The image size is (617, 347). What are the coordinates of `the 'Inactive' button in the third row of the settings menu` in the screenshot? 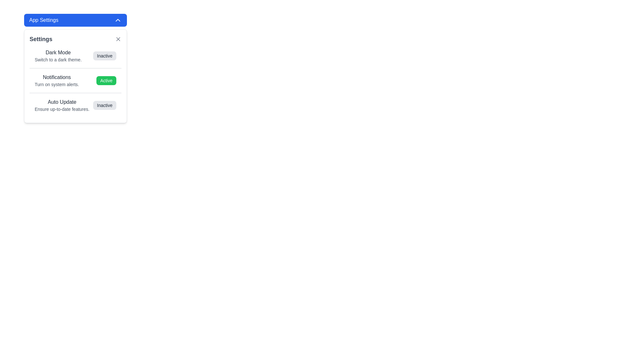 It's located at (76, 105).